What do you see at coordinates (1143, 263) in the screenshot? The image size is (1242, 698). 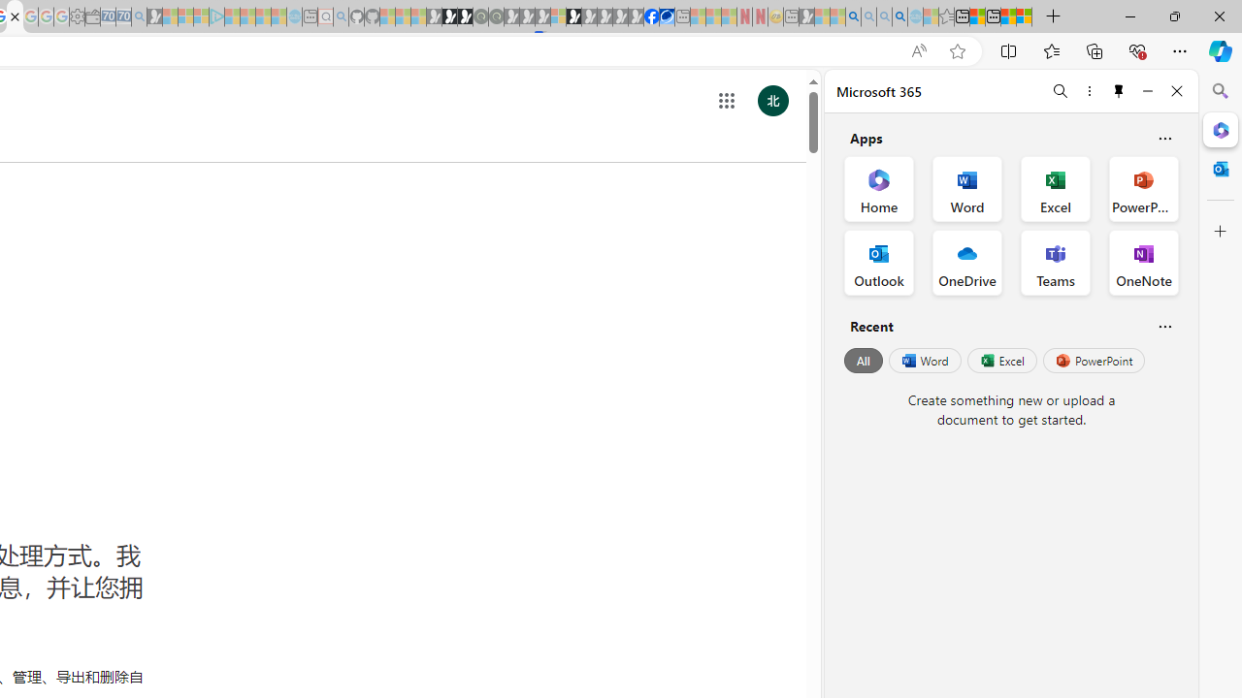 I see `'OneNote Office App'` at bounding box center [1143, 263].